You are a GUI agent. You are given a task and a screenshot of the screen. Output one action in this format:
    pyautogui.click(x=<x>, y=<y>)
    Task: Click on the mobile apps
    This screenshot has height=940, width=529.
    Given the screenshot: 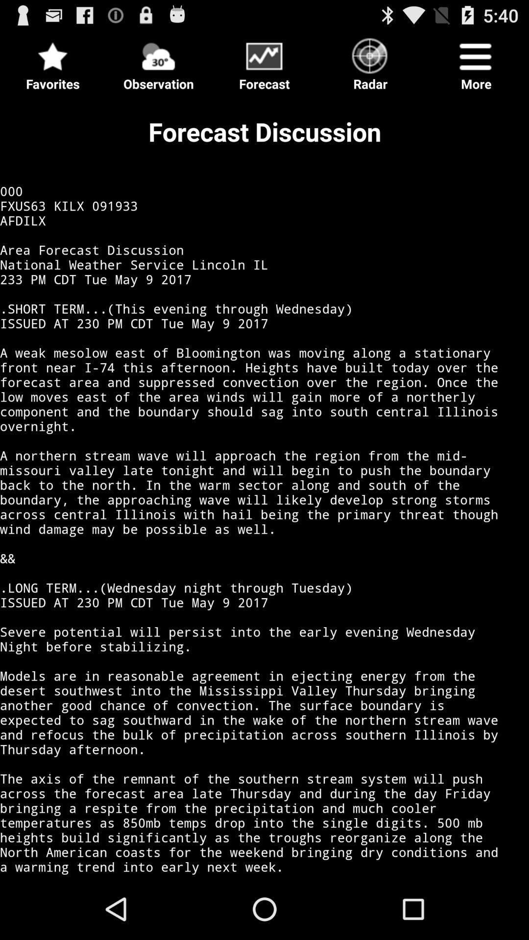 What is the action you would take?
    pyautogui.click(x=264, y=62)
    